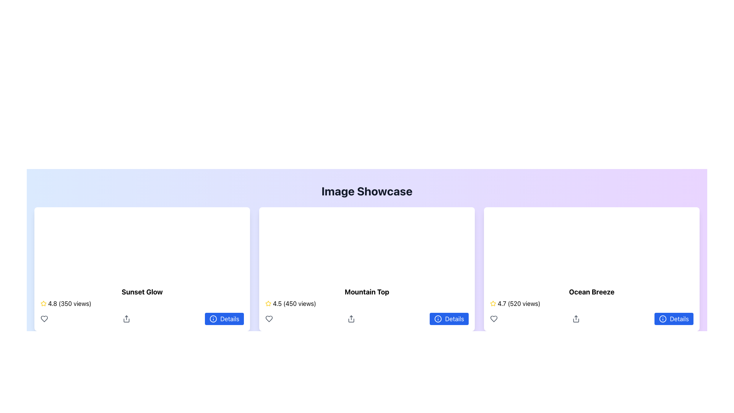 This screenshot has height=413, width=734. What do you see at coordinates (44, 319) in the screenshot?
I see `the heart-shaped graphical icon located below the '4.8 (350 views)' rating text of the 'Sunset Glow' product` at bounding box center [44, 319].